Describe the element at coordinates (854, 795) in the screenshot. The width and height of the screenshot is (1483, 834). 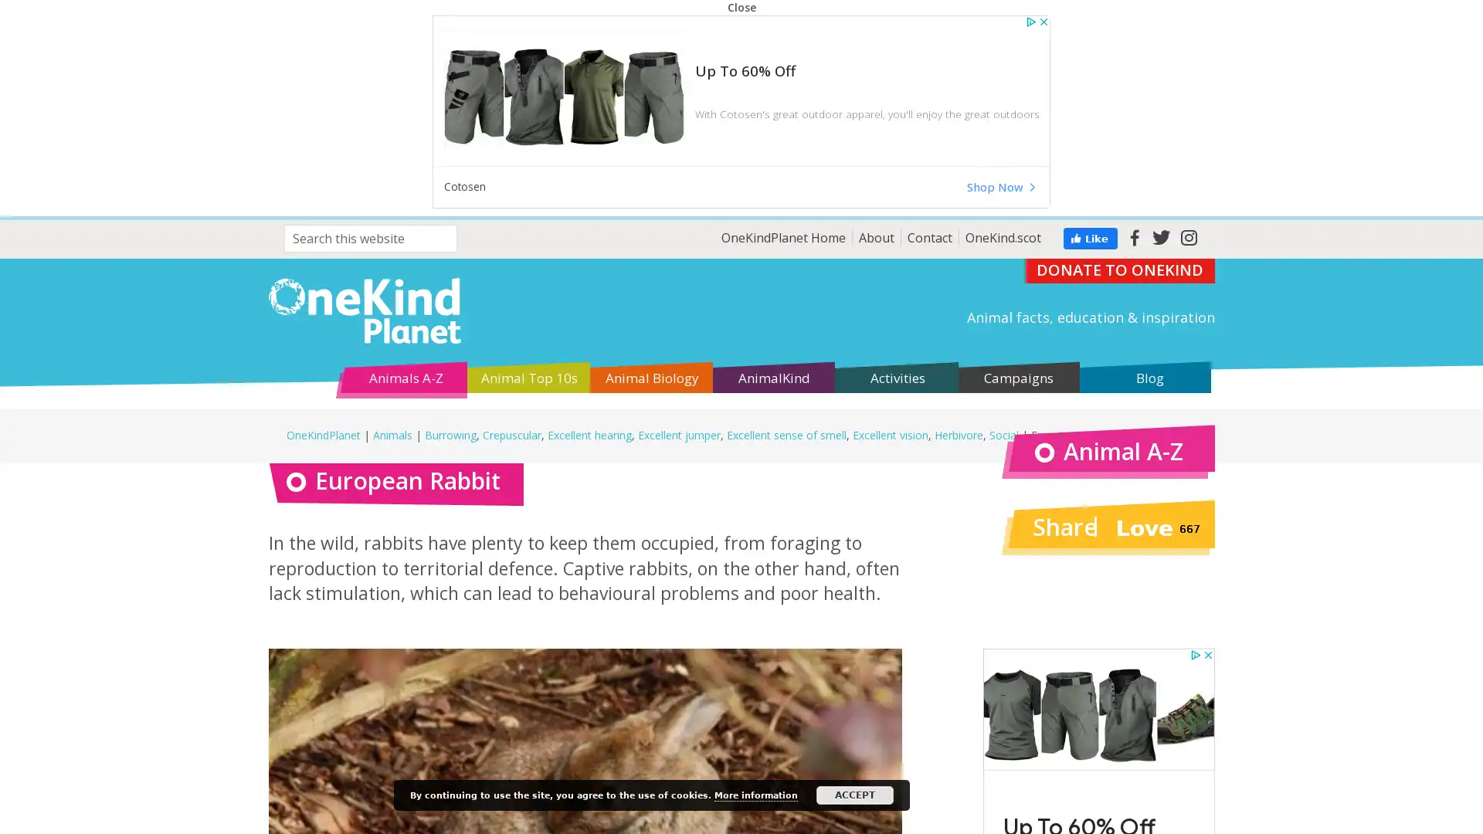
I see `ACCEPT` at that location.